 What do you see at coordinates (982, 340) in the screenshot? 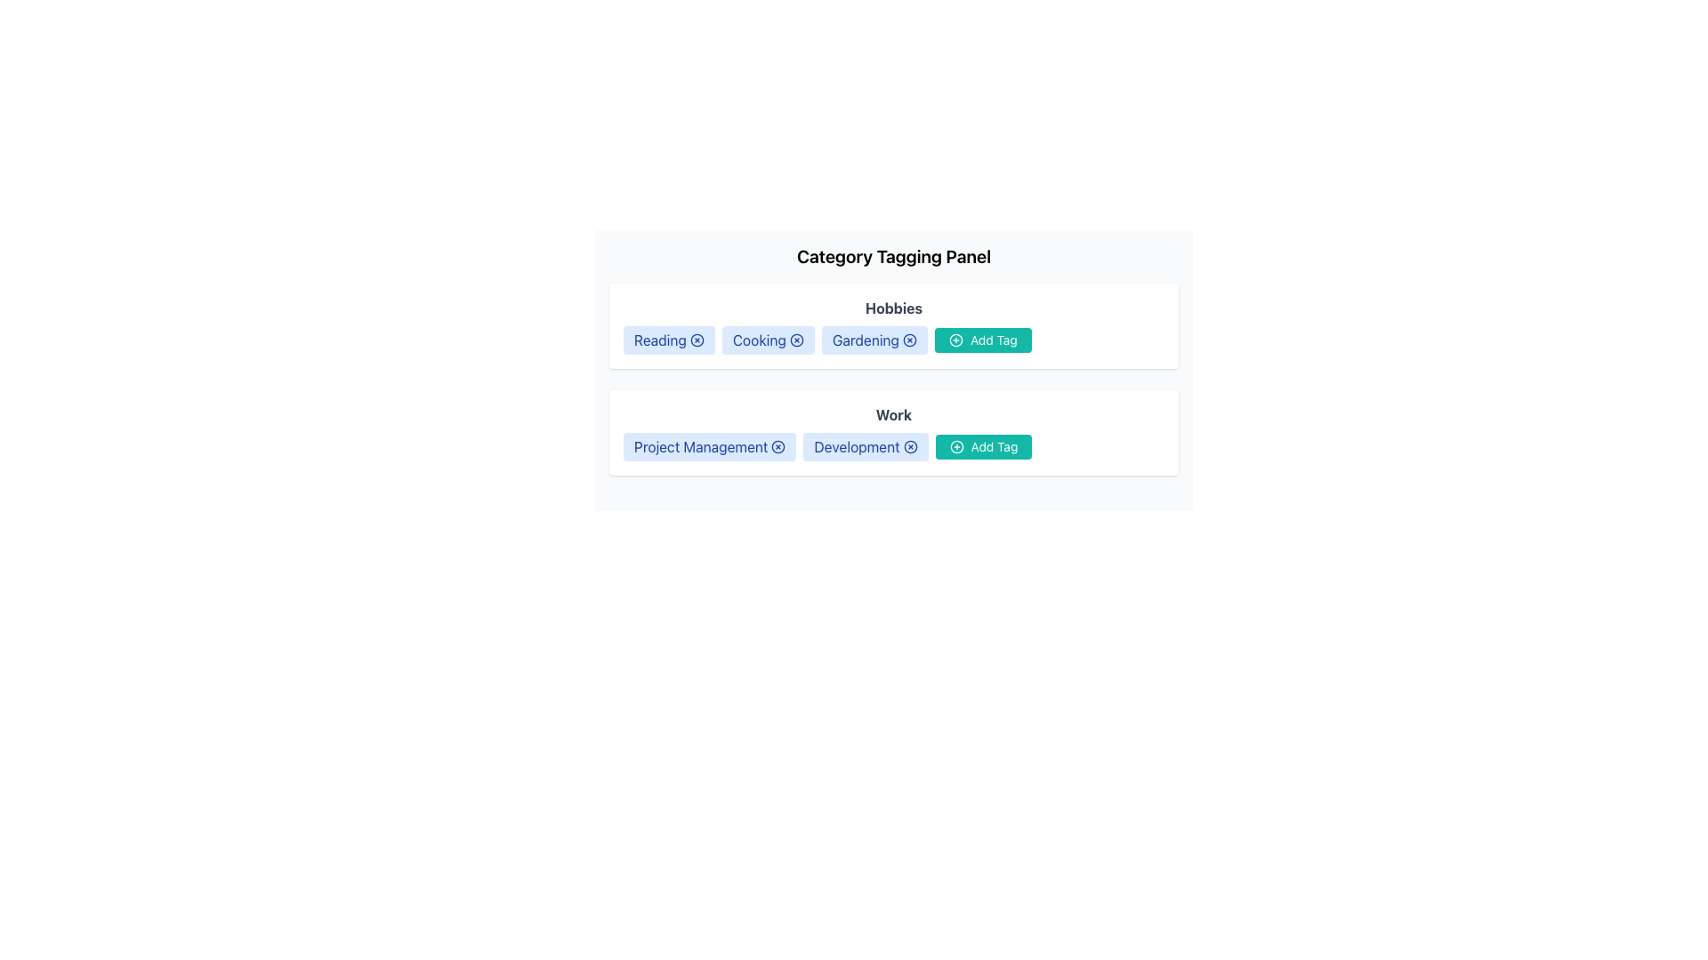
I see `the 'Add Tag' button with a teal-green background and white text, located in the 'Hobbies' section of the interface` at bounding box center [982, 340].